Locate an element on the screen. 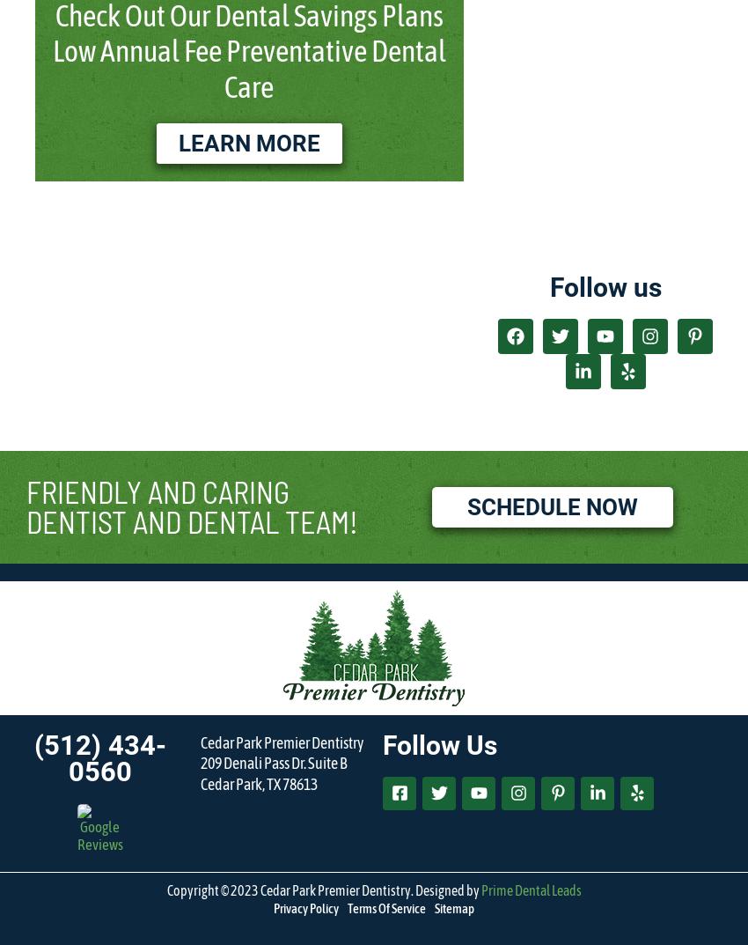  'LEARN MORE' is located at coordinates (247, 142).